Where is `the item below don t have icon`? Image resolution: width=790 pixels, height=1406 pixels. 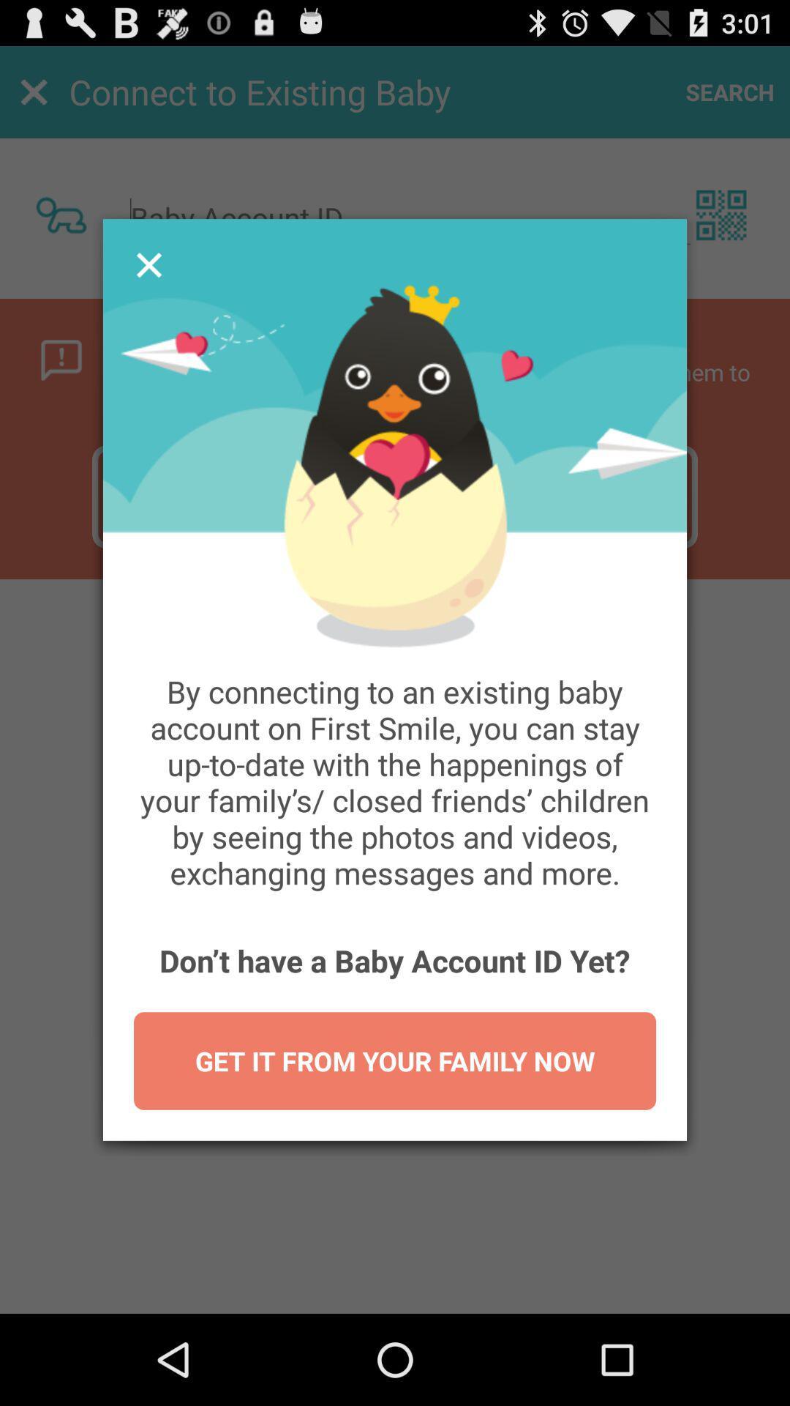 the item below don t have icon is located at coordinates (395, 1061).